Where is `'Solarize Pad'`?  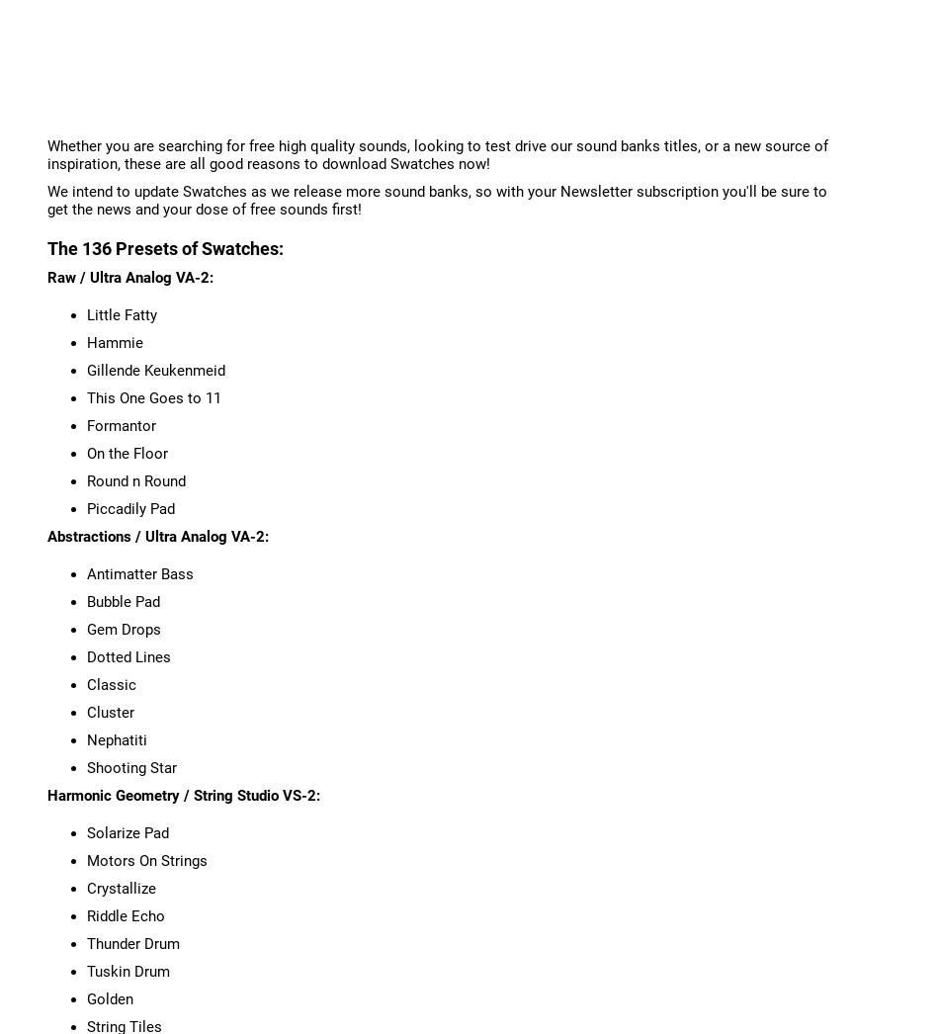 'Solarize Pad' is located at coordinates (127, 831).